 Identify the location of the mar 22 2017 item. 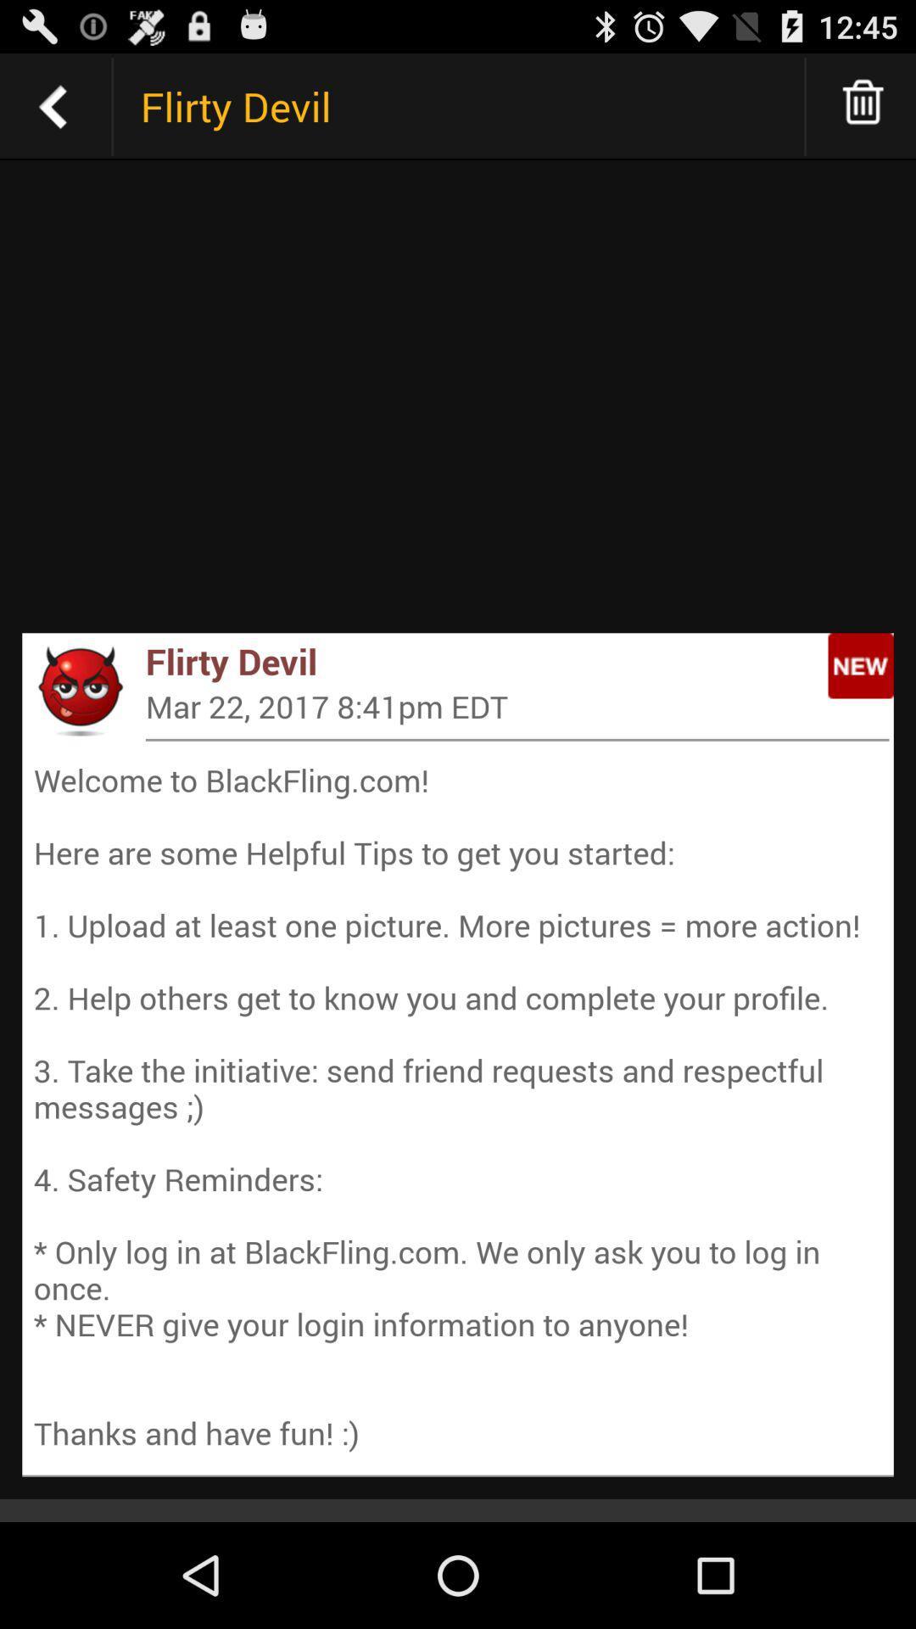
(517, 706).